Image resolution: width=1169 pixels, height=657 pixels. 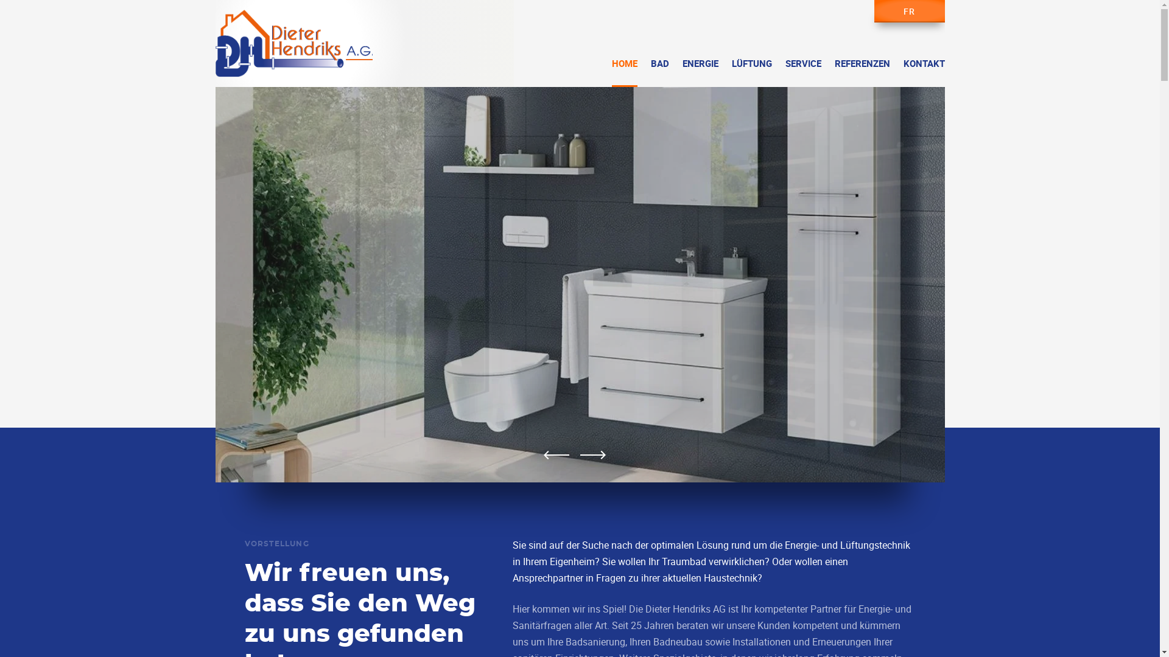 What do you see at coordinates (611, 72) in the screenshot?
I see `'HOME'` at bounding box center [611, 72].